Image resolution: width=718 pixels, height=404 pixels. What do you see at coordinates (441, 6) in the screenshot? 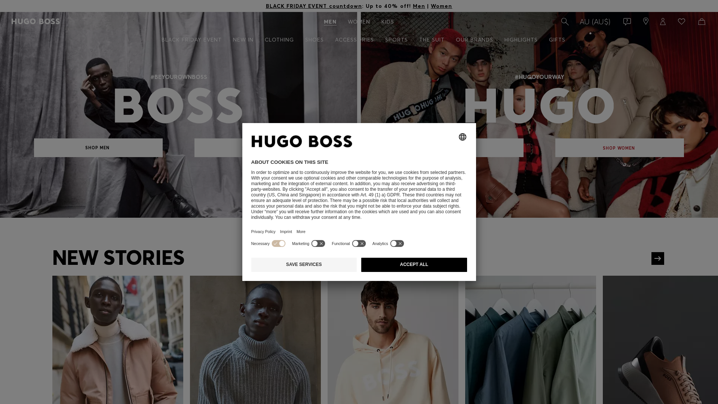
I see `'Women'` at bounding box center [441, 6].